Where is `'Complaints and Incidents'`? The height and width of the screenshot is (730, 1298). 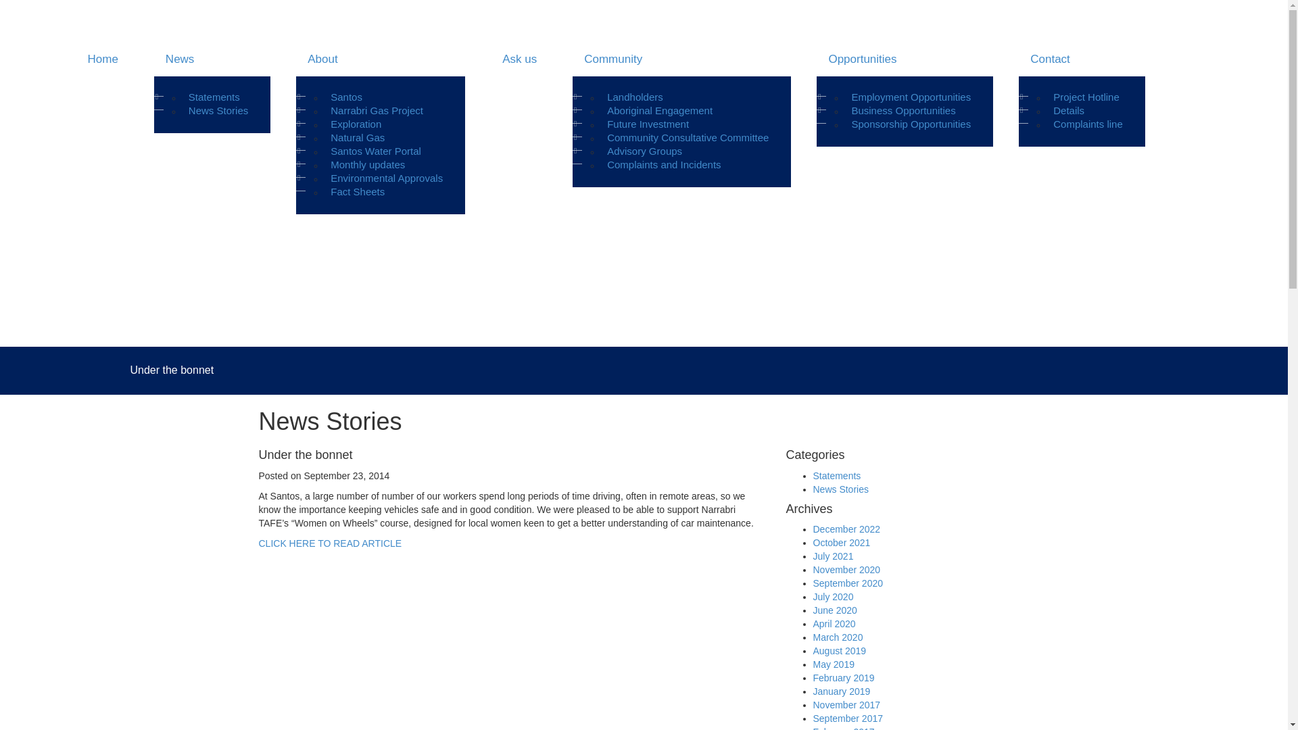 'Complaints and Incidents' is located at coordinates (664, 164).